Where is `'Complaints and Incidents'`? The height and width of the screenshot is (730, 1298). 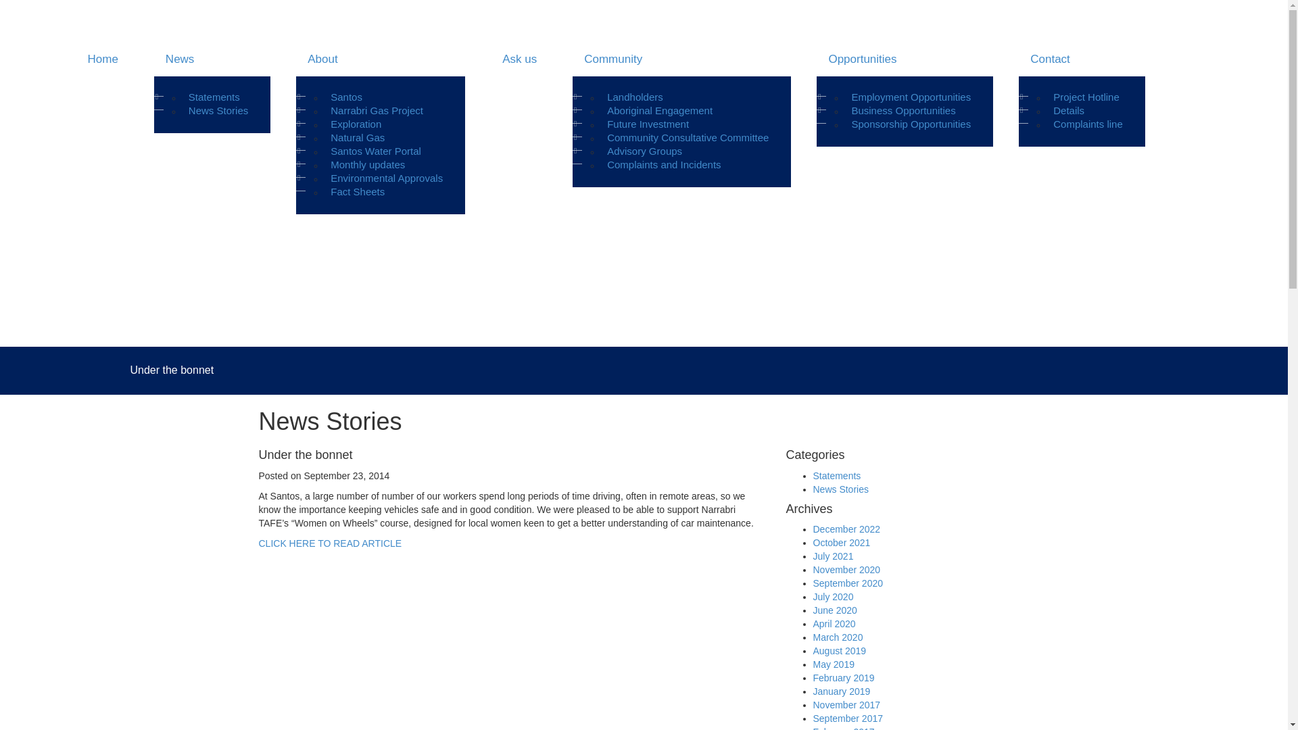 'Complaints and Incidents' is located at coordinates (664, 164).